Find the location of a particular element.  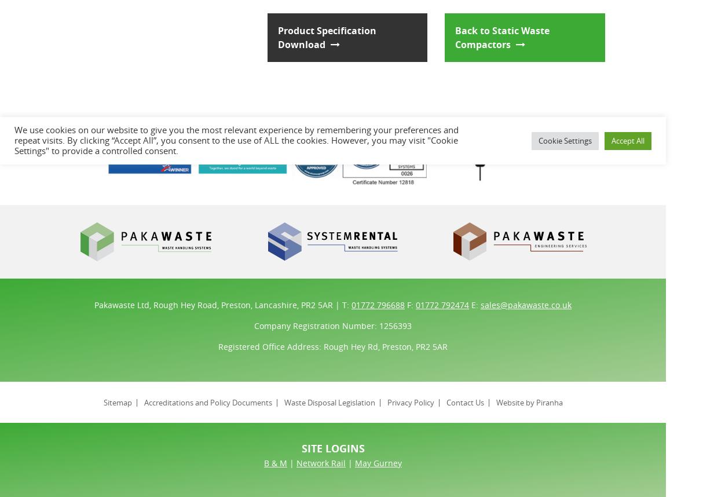

'Registered Office Address: Rough Hey Rd, Preston, PR2 5AR' is located at coordinates (332, 345).